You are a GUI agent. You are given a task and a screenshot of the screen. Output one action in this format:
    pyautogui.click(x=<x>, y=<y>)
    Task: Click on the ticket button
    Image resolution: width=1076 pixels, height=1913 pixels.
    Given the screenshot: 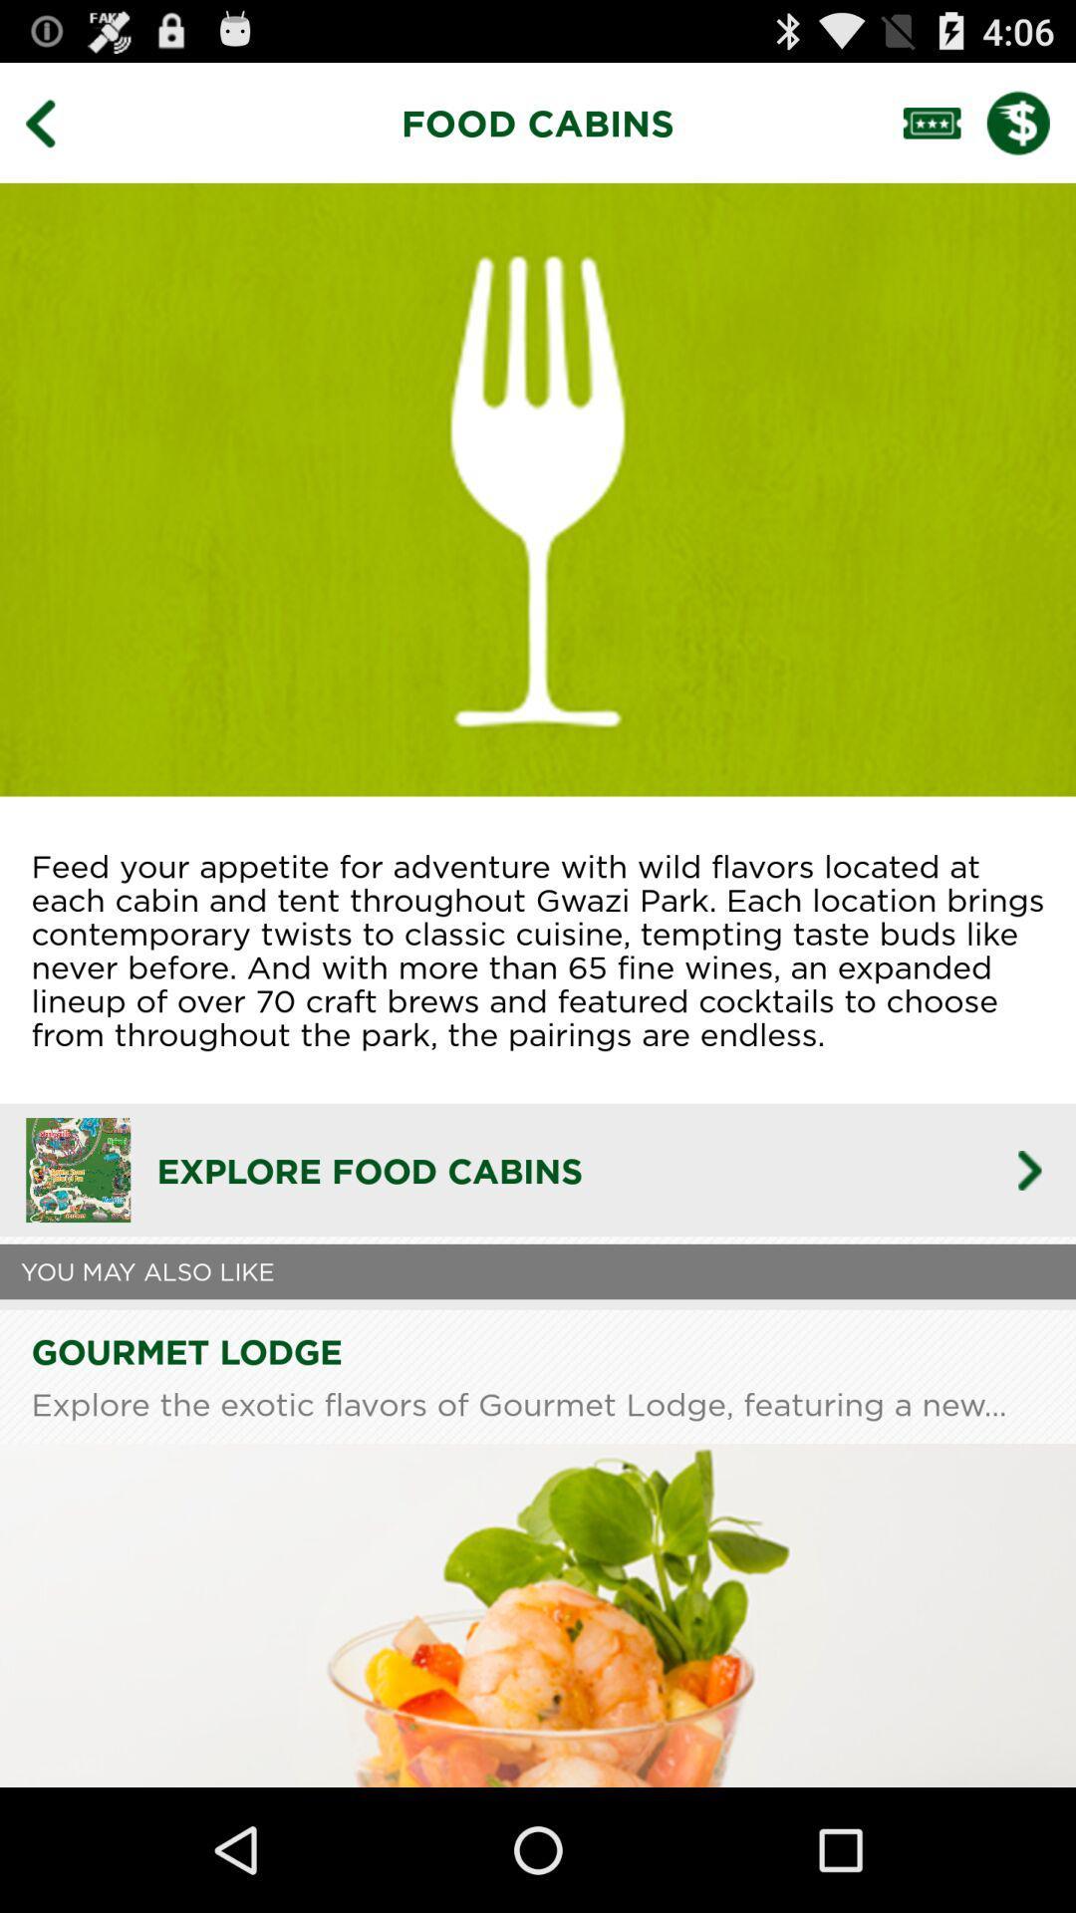 What is the action you would take?
    pyautogui.click(x=943, y=122)
    